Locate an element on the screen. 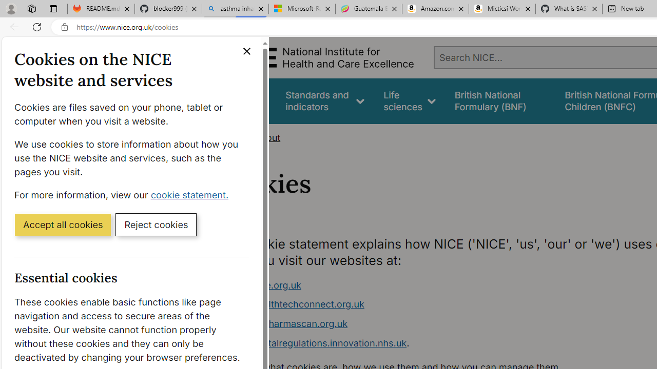  'Home>' is located at coordinates (234, 137).